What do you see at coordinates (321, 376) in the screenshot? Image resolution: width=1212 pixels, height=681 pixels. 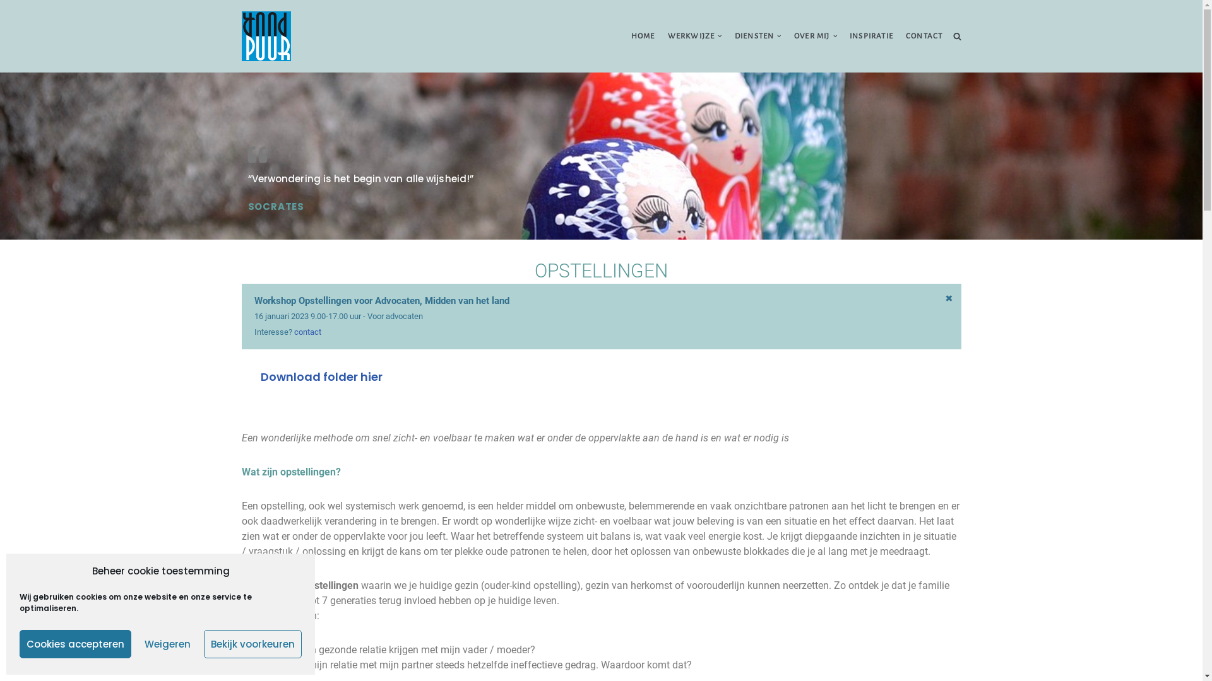 I see `'Download folder hier'` at bounding box center [321, 376].